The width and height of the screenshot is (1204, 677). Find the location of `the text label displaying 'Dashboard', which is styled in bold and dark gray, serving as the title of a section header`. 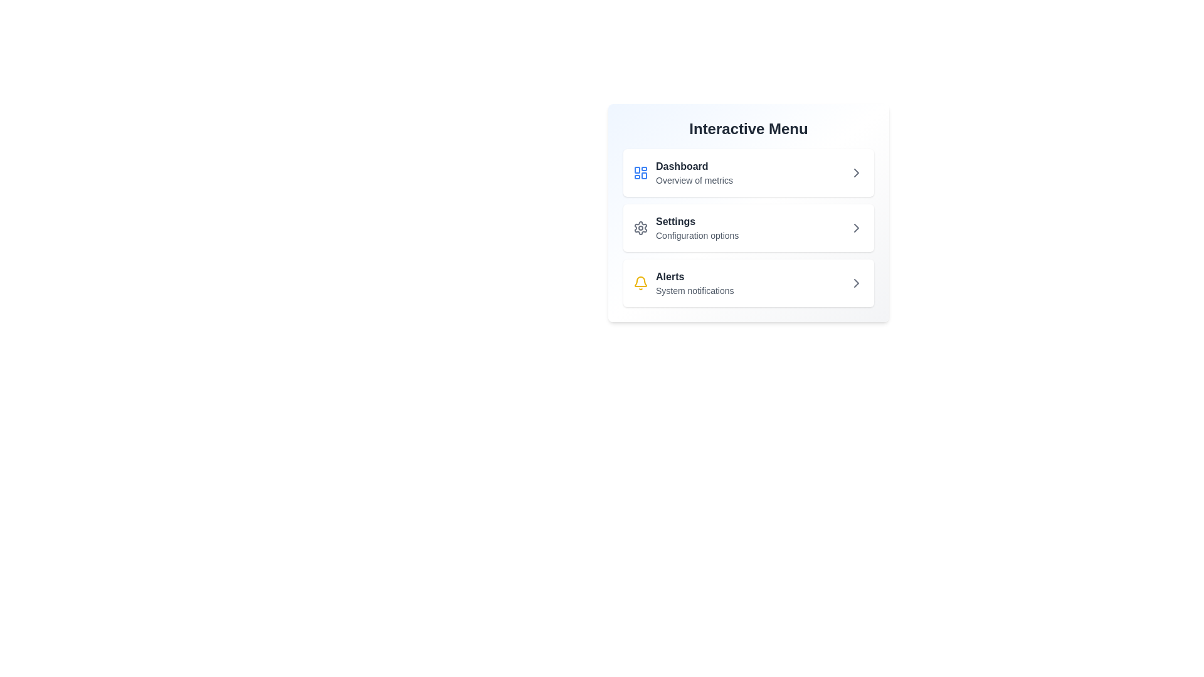

the text label displaying 'Dashboard', which is styled in bold and dark gray, serving as the title of a section header is located at coordinates (694, 166).